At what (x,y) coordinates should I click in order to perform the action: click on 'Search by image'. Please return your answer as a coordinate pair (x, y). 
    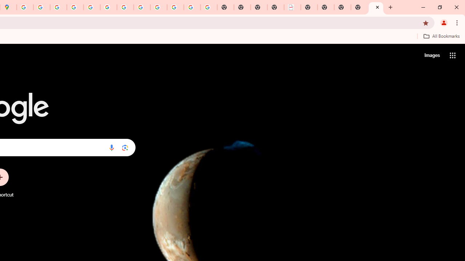
    Looking at the image, I should click on (125, 147).